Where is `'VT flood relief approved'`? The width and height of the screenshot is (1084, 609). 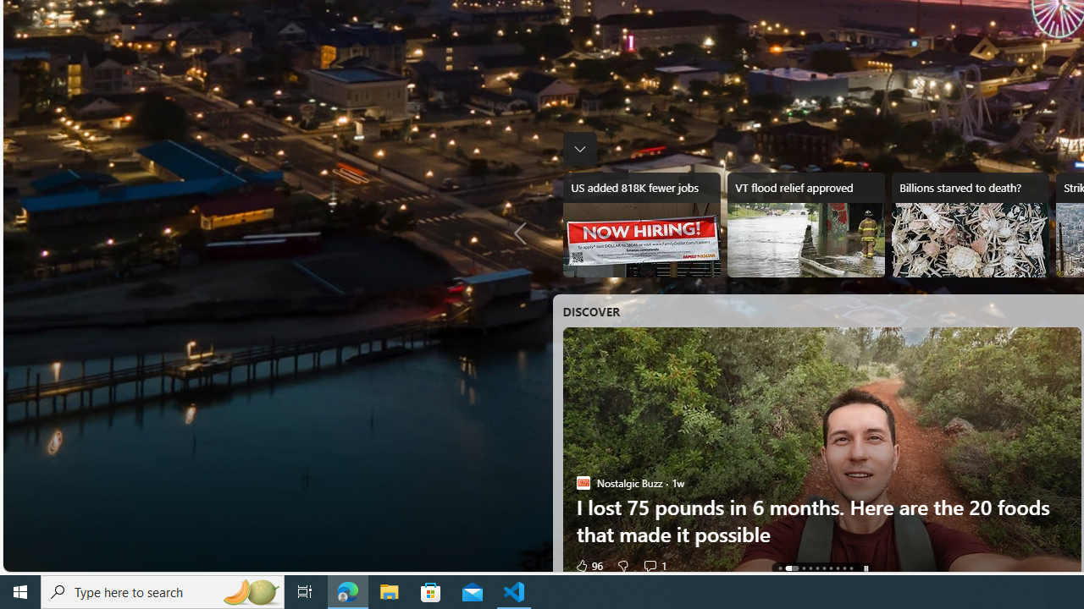 'VT flood relief approved' is located at coordinates (805, 224).